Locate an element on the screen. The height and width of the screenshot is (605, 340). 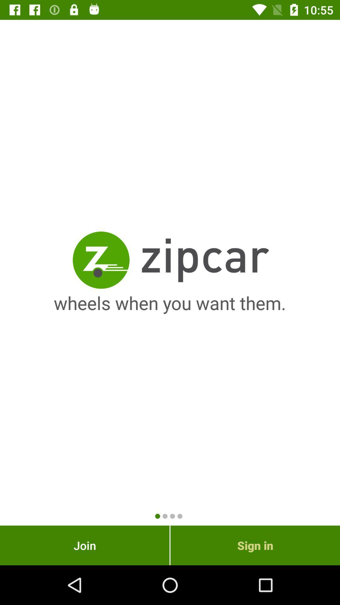
the icon at the bottom left corner is located at coordinates (84, 545).